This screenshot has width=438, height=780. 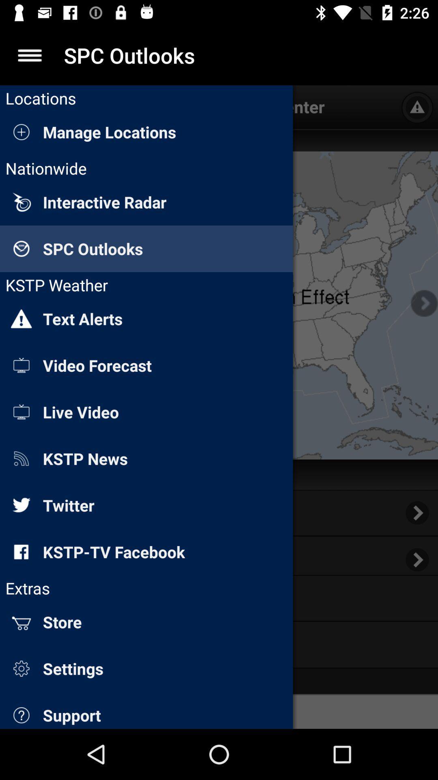 What do you see at coordinates (29, 55) in the screenshot?
I see `the menu icon` at bounding box center [29, 55].